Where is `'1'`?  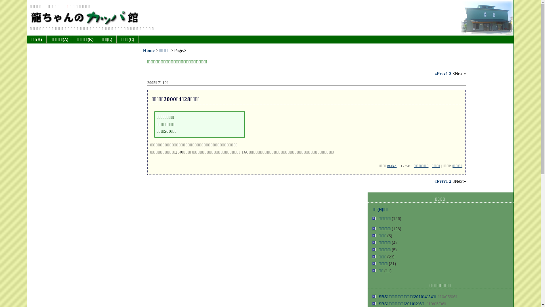
'1' is located at coordinates (447, 181).